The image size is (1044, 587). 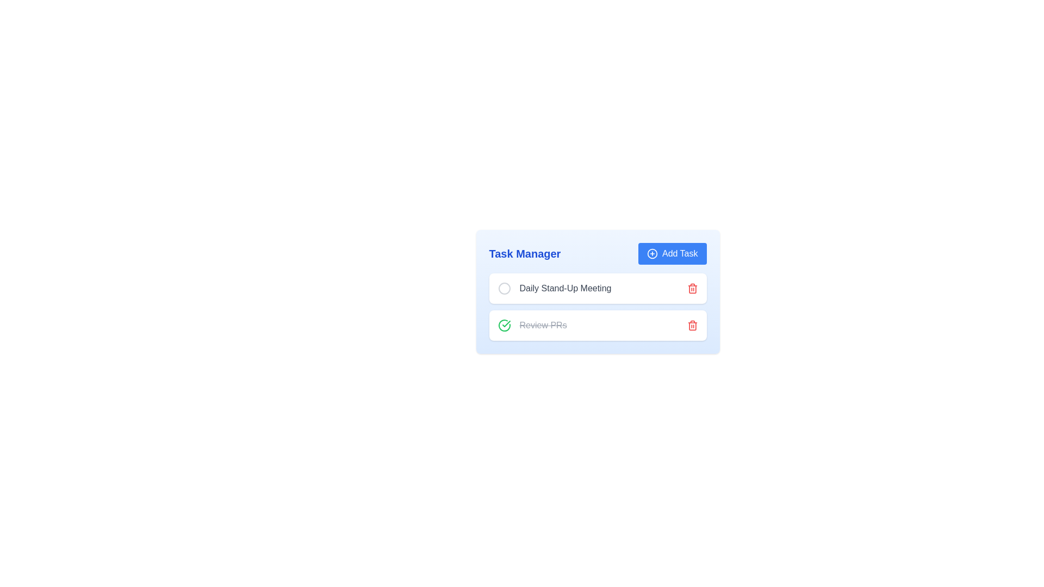 What do you see at coordinates (652, 253) in the screenshot?
I see `the blue circular icon with a plus symbol inside, located to the left of the 'Add Task' button in the top-right portion of the task management interface` at bounding box center [652, 253].